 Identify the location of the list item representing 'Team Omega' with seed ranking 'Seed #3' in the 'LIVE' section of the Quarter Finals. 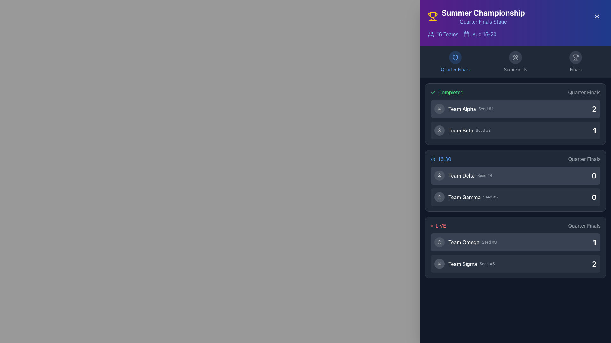
(466, 242).